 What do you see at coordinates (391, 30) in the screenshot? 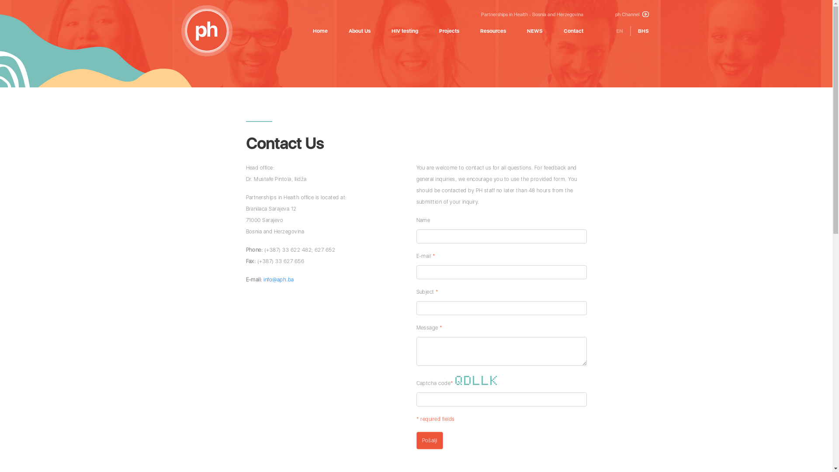
I see `'HIV testing'` at bounding box center [391, 30].